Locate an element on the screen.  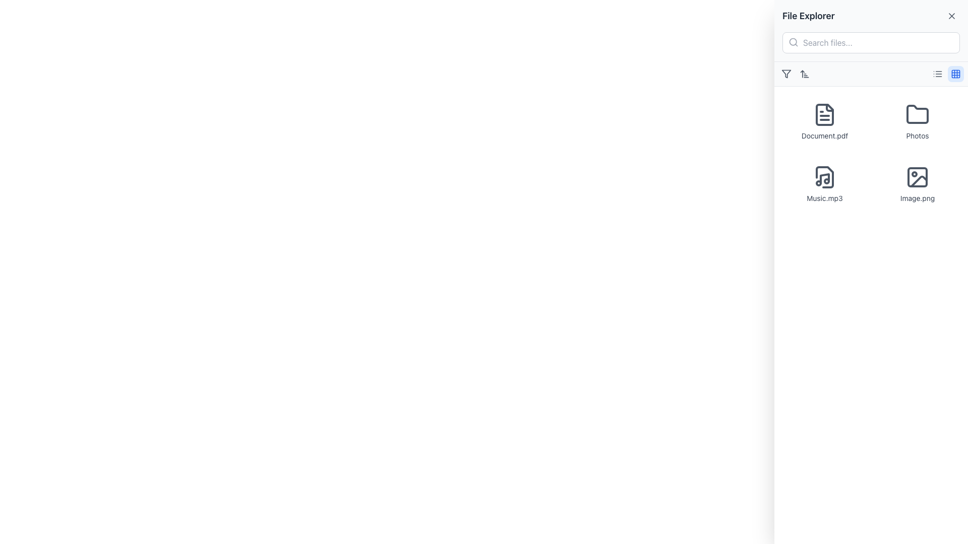
the sorting icon button located in the upper-right section of the interface, immediately to the right of the filter icon is located at coordinates (804, 73).